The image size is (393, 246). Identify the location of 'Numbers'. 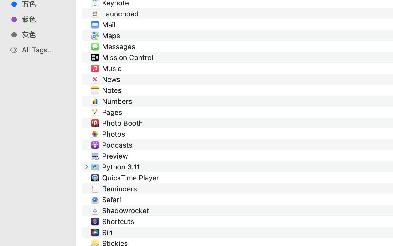
(118, 101).